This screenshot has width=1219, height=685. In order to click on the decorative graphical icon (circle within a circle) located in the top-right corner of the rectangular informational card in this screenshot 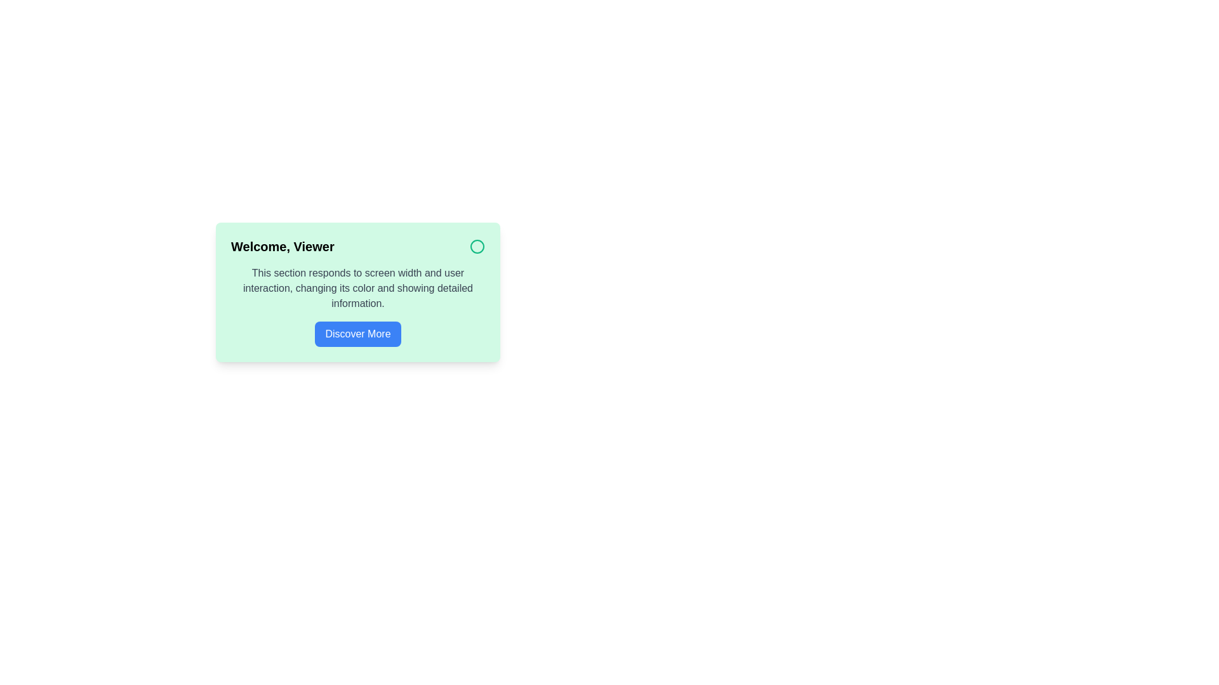, I will do `click(477, 247)`.